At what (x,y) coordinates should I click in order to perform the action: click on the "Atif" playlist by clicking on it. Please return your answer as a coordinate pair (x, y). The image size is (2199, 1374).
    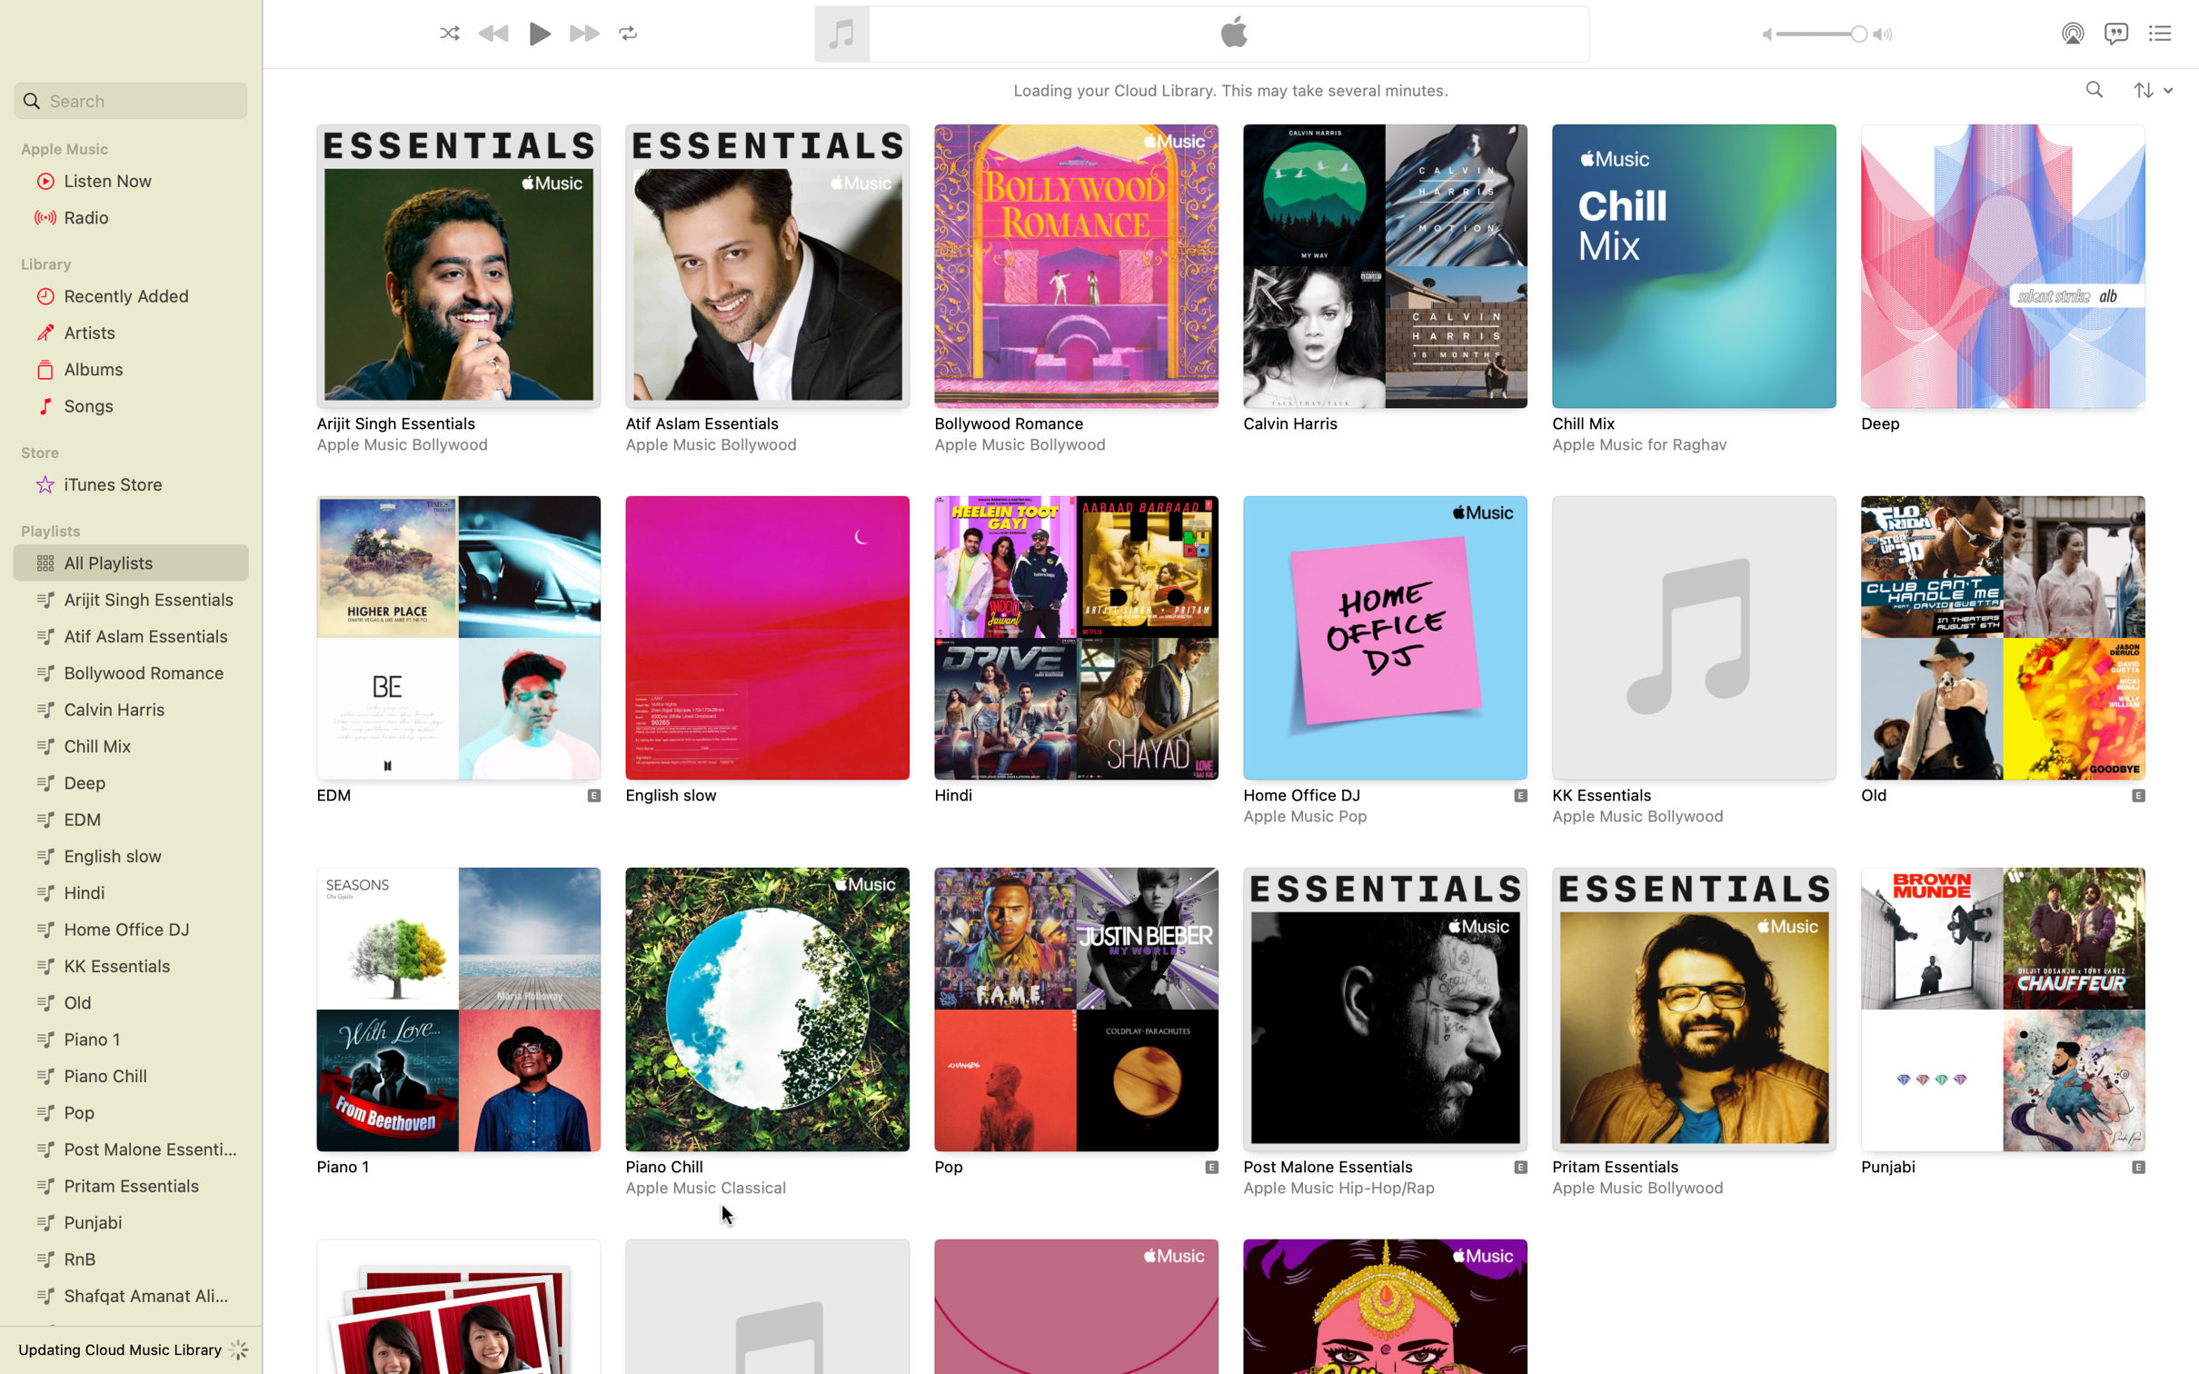
    Looking at the image, I should click on (765, 291).